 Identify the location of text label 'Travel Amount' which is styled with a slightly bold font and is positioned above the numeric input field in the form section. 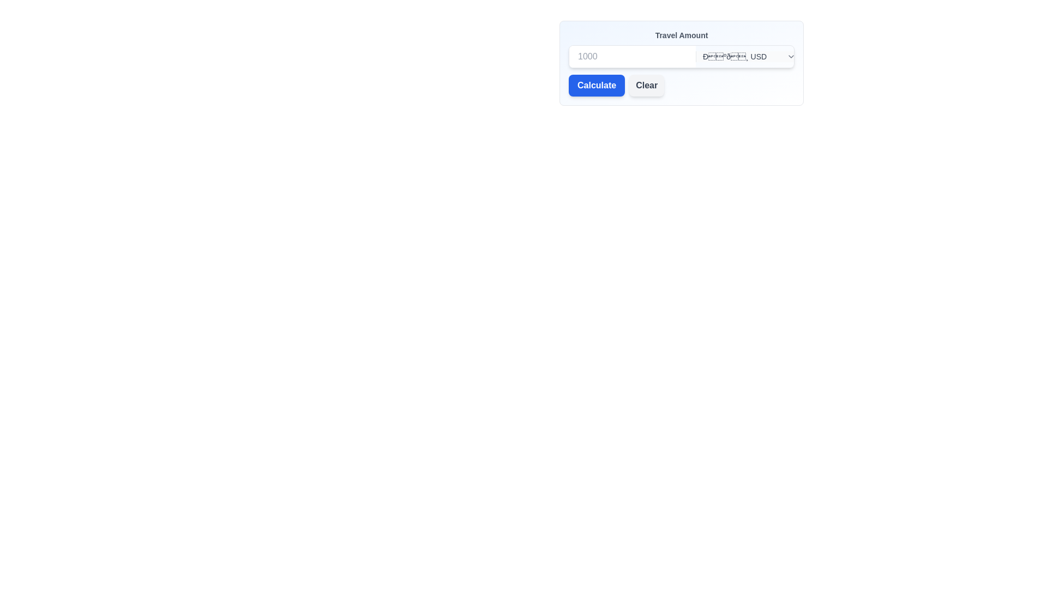
(681, 35).